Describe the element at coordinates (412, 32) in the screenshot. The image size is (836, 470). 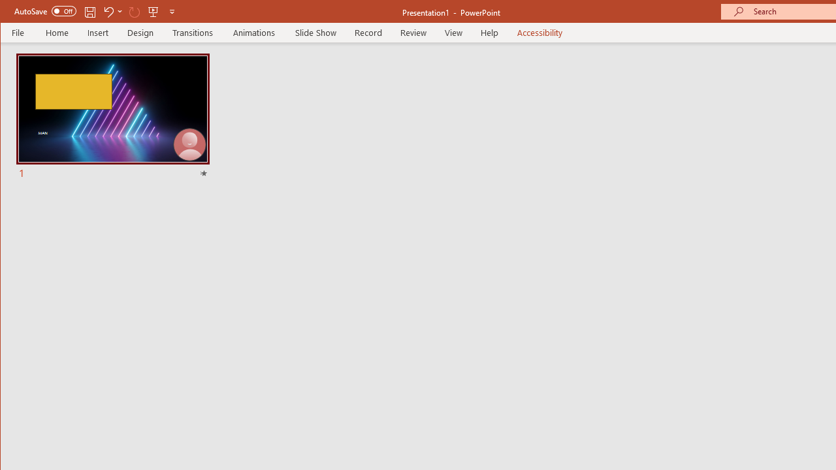
I see `'Review'` at that location.